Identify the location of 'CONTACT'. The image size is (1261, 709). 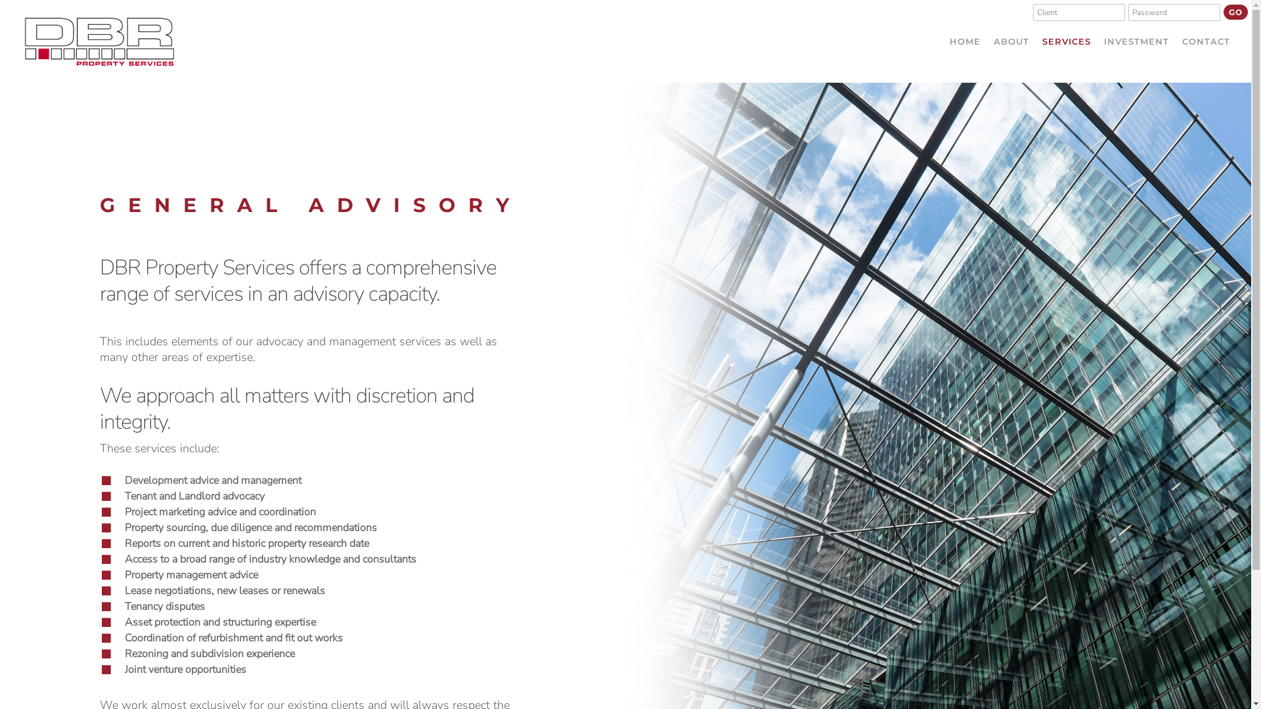
(1206, 40).